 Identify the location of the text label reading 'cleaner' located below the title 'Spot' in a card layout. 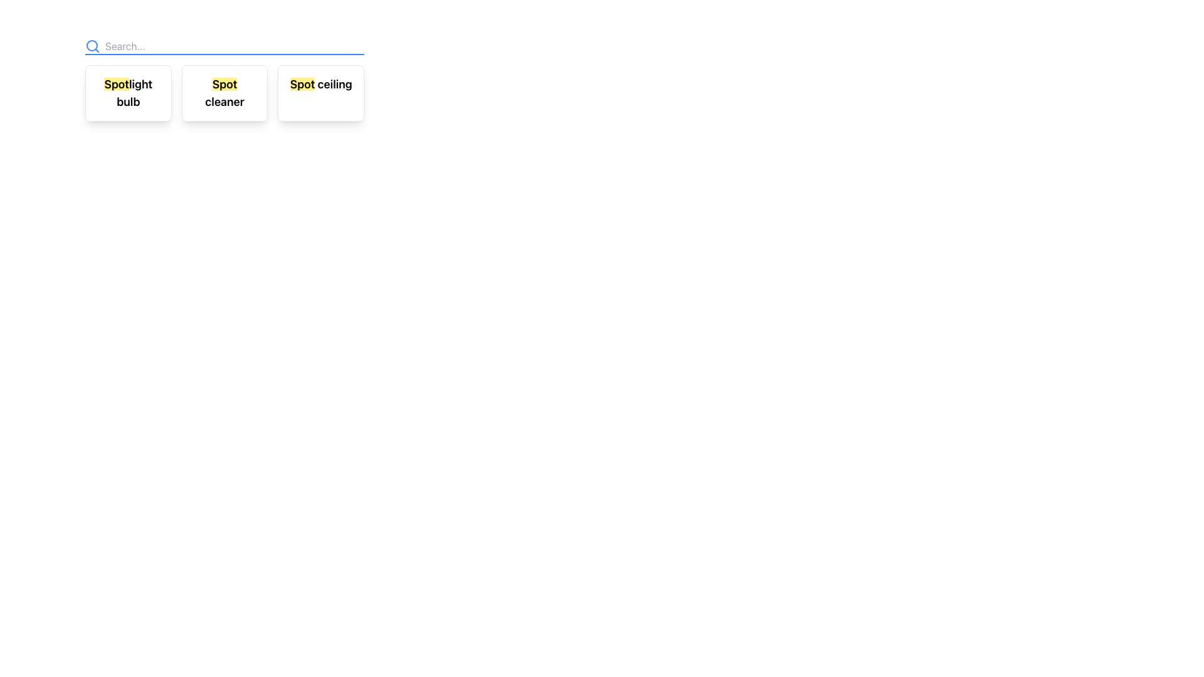
(224, 101).